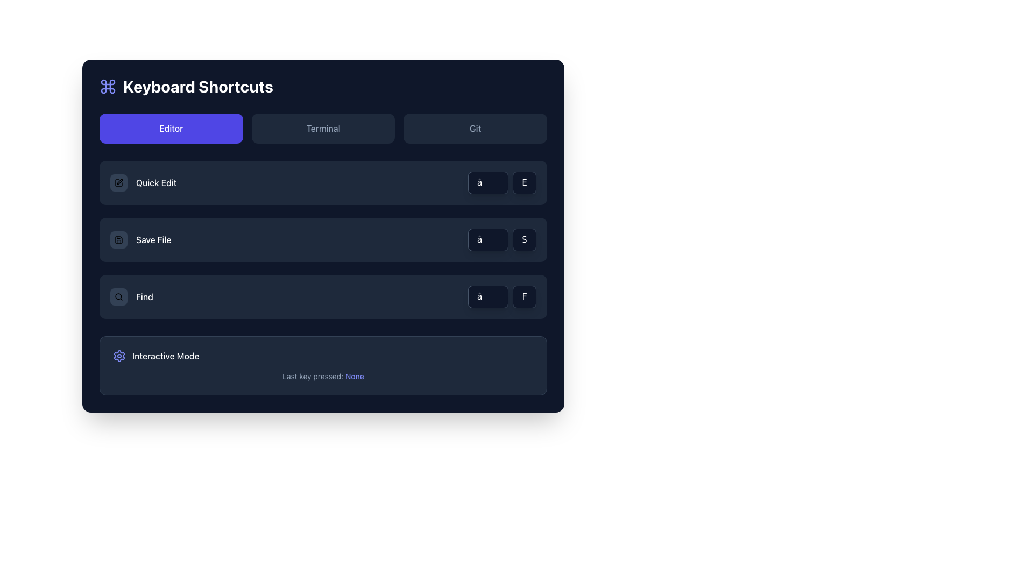 The image size is (1033, 581). What do you see at coordinates (118, 296) in the screenshot?
I see `the search icon located in the 'Find' section, positioned to the left of the text 'Find' and above 'Interactive Mode'` at bounding box center [118, 296].